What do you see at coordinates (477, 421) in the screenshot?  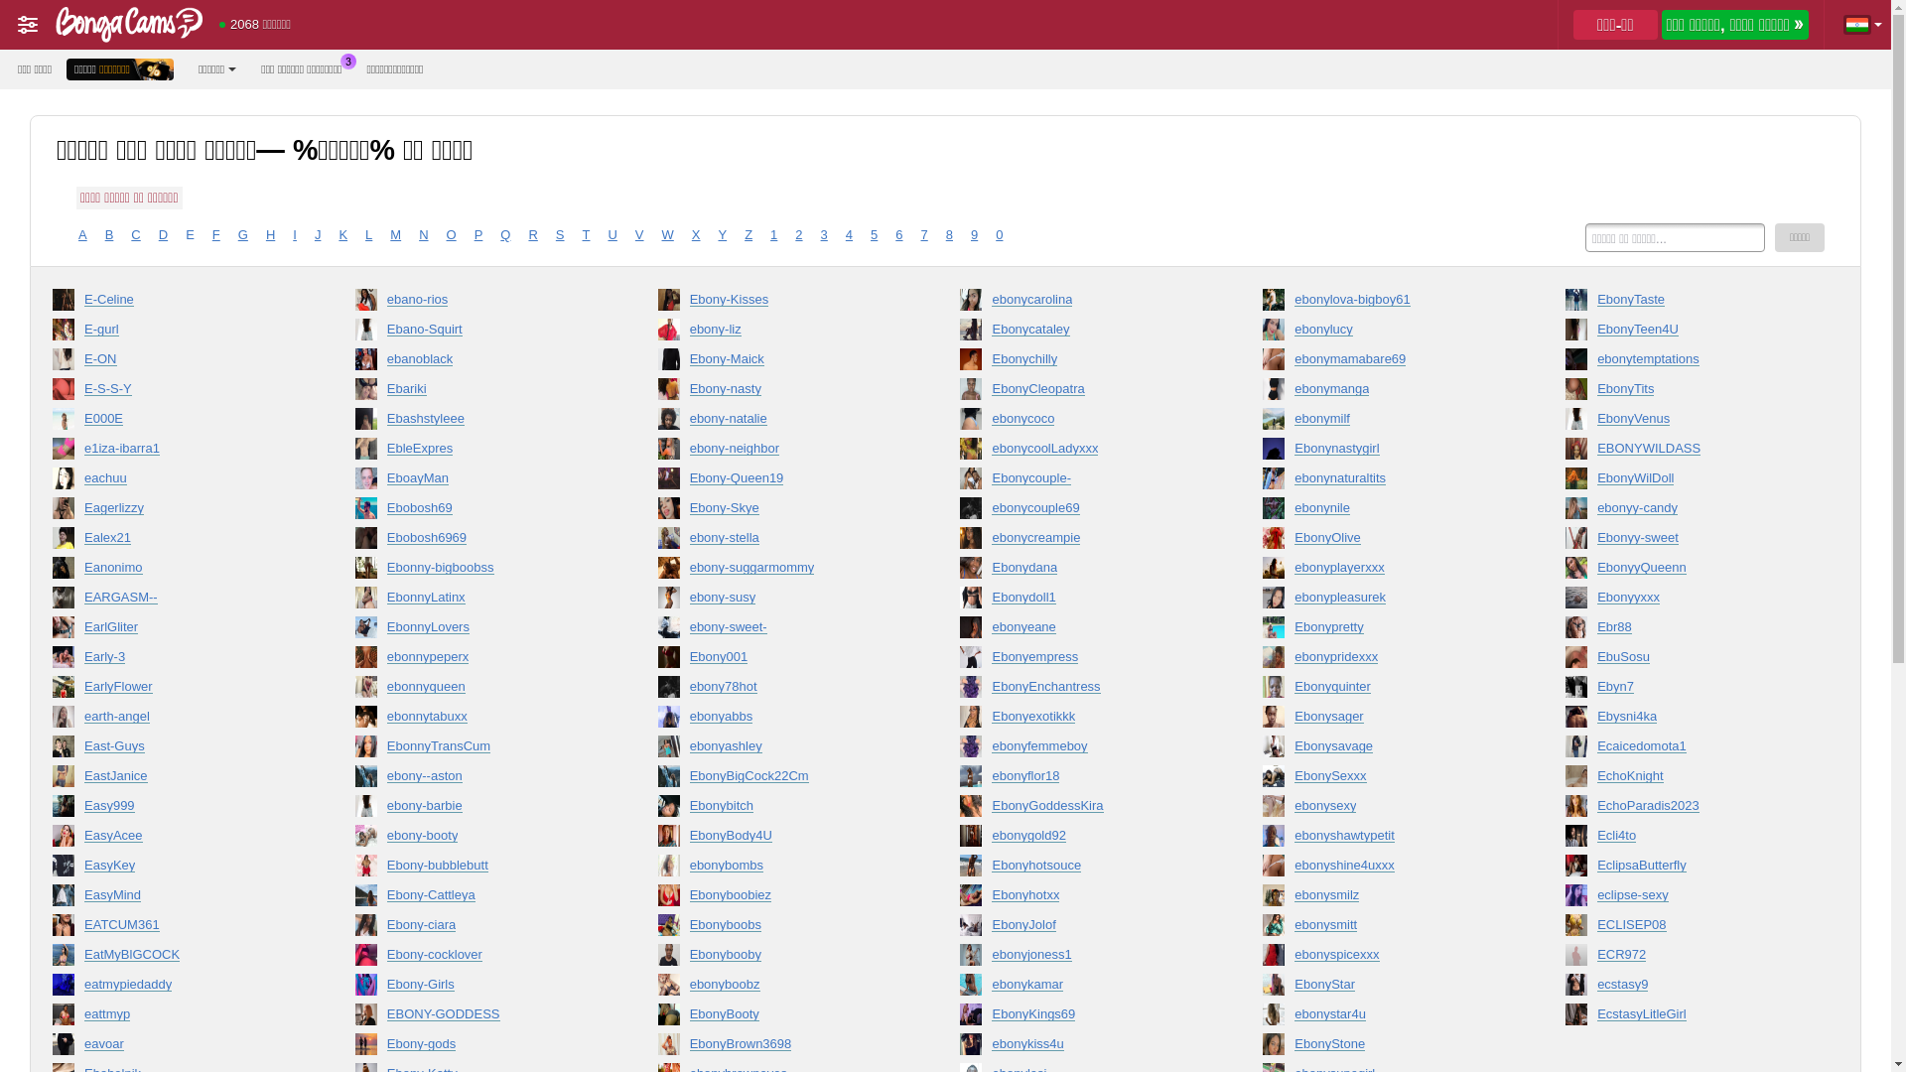 I see `'Ebashstyleee'` at bounding box center [477, 421].